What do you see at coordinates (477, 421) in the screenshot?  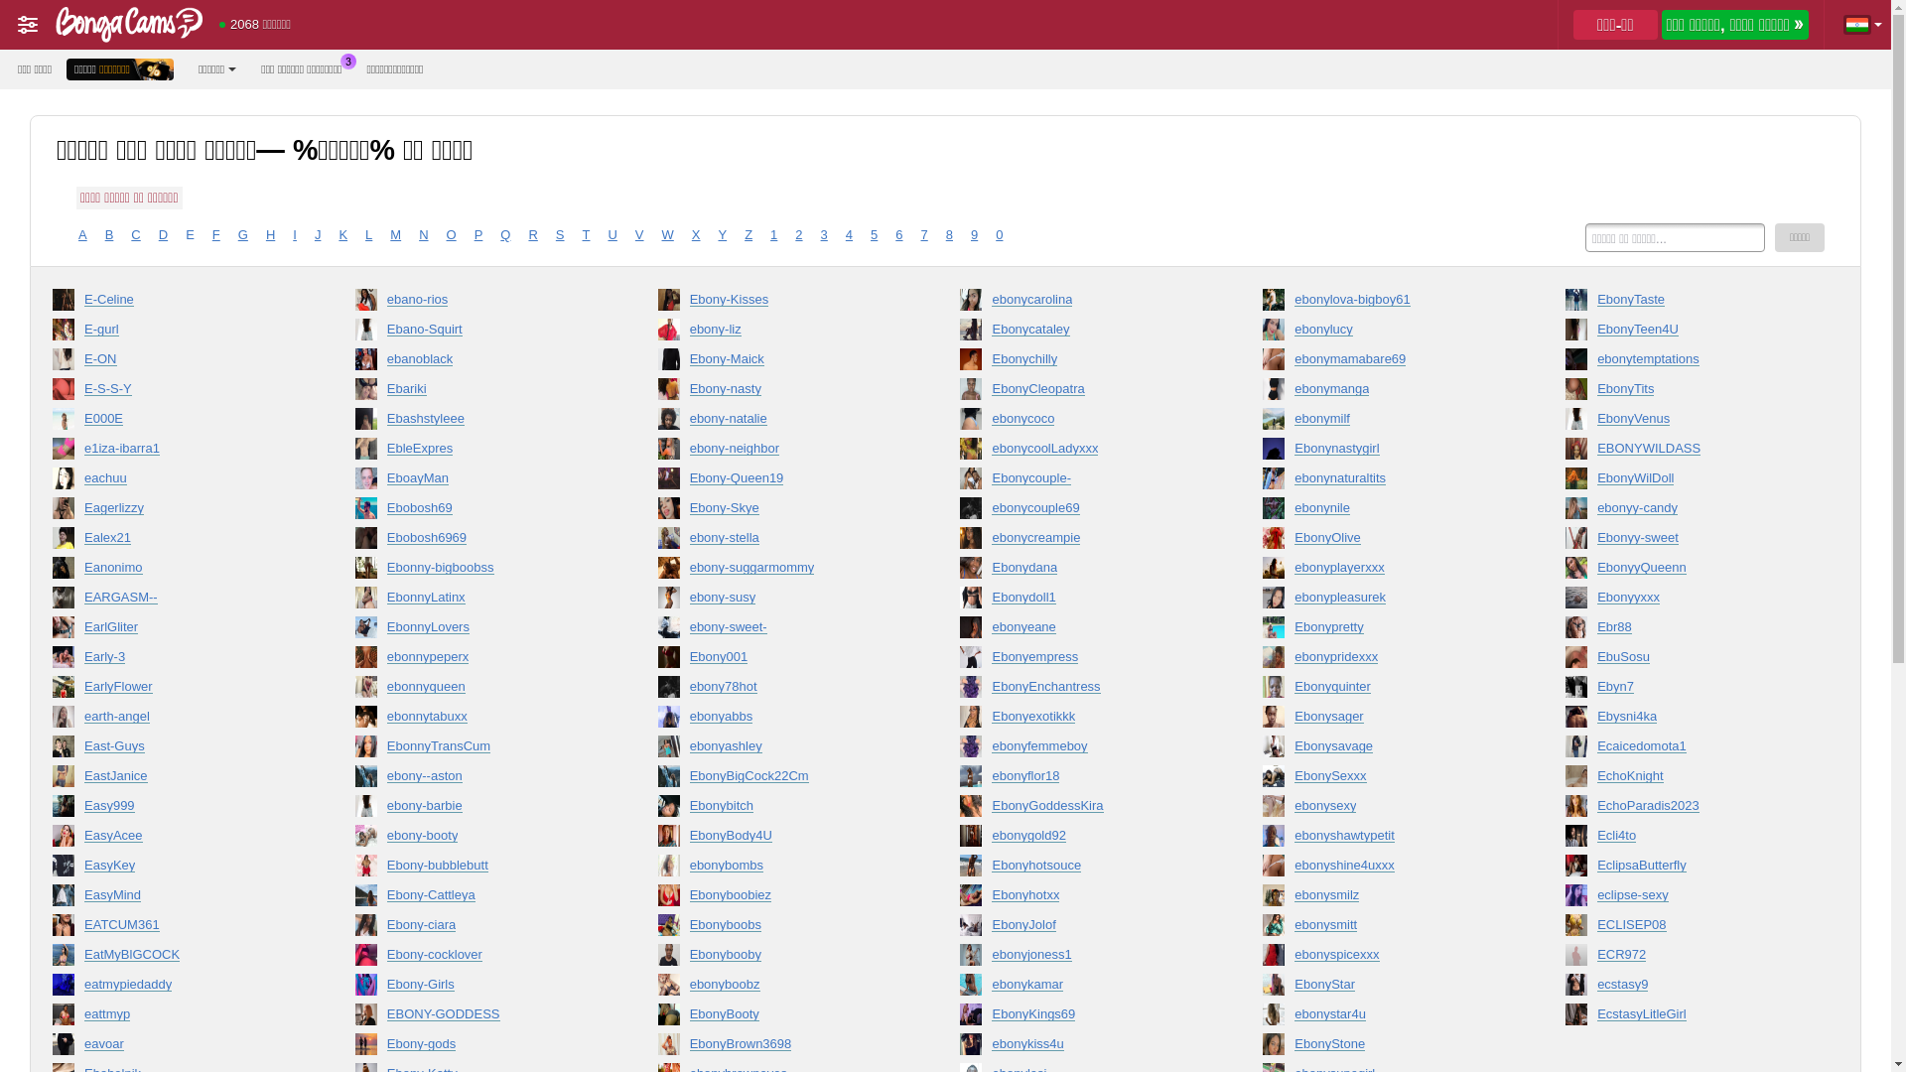 I see `'Ebashstyleee'` at bounding box center [477, 421].